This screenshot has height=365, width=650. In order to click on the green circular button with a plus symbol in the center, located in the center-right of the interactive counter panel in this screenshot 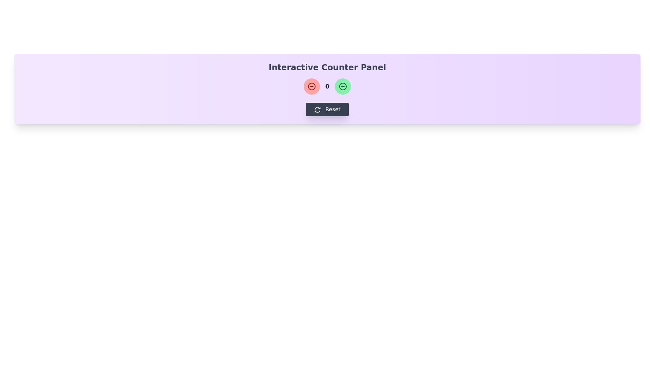, I will do `click(343, 86)`.